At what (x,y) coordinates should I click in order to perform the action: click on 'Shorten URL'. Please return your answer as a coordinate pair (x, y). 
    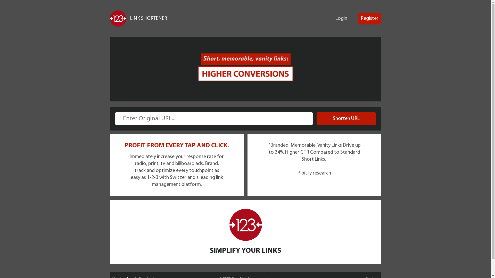
    Looking at the image, I should click on (346, 119).